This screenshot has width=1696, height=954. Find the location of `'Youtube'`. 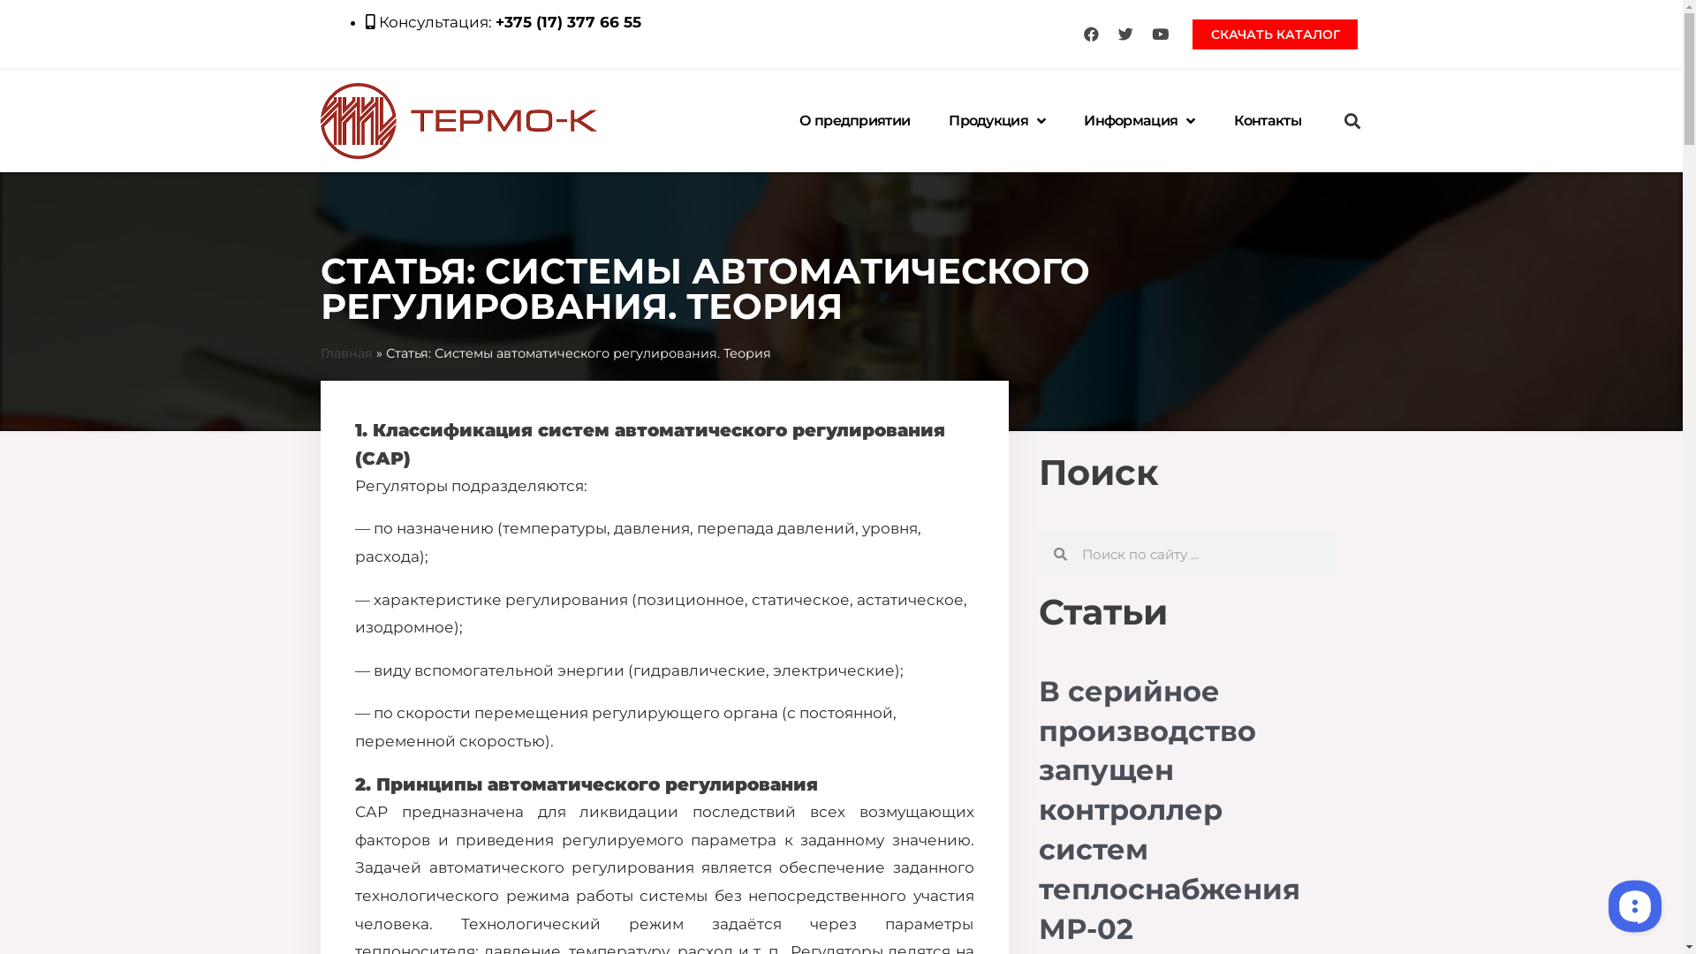

'Youtube' is located at coordinates (1160, 34).